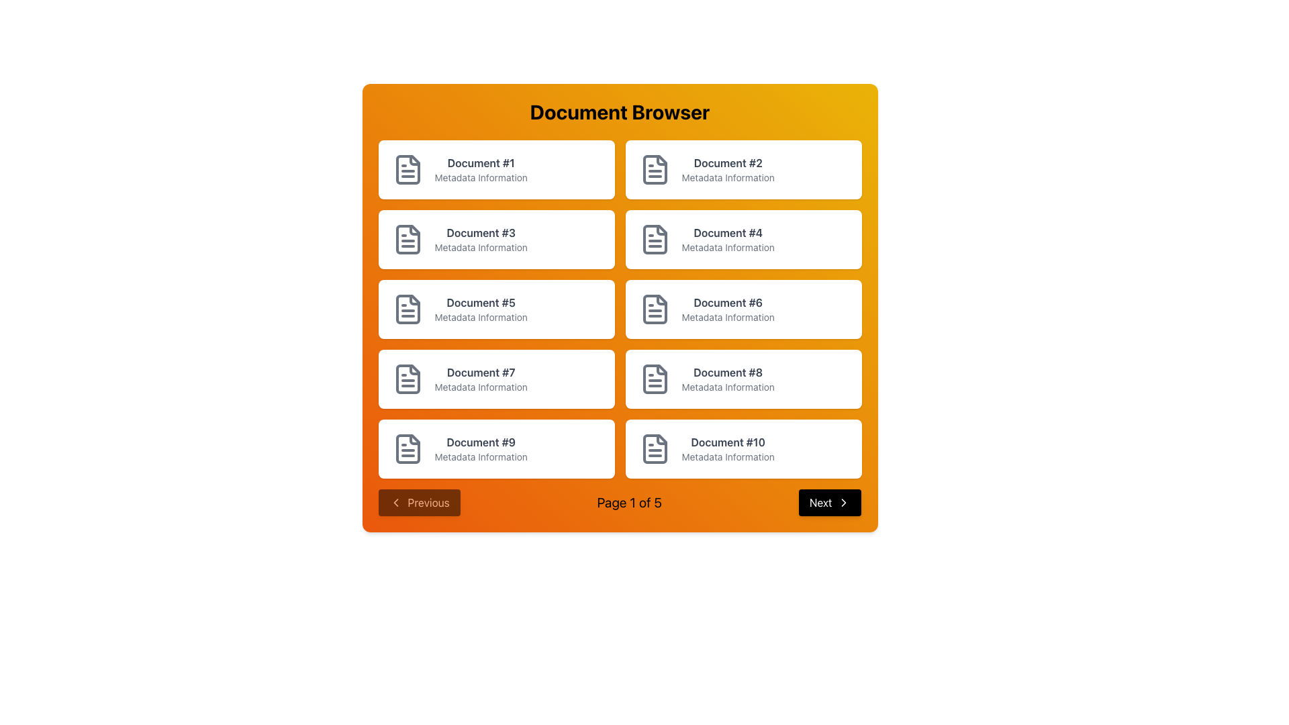 This screenshot has height=725, width=1289. Describe the element at coordinates (407, 379) in the screenshot. I see `the simplified document icon, a grey outline with a folded corner, located in the third row, first column of the document list` at that location.